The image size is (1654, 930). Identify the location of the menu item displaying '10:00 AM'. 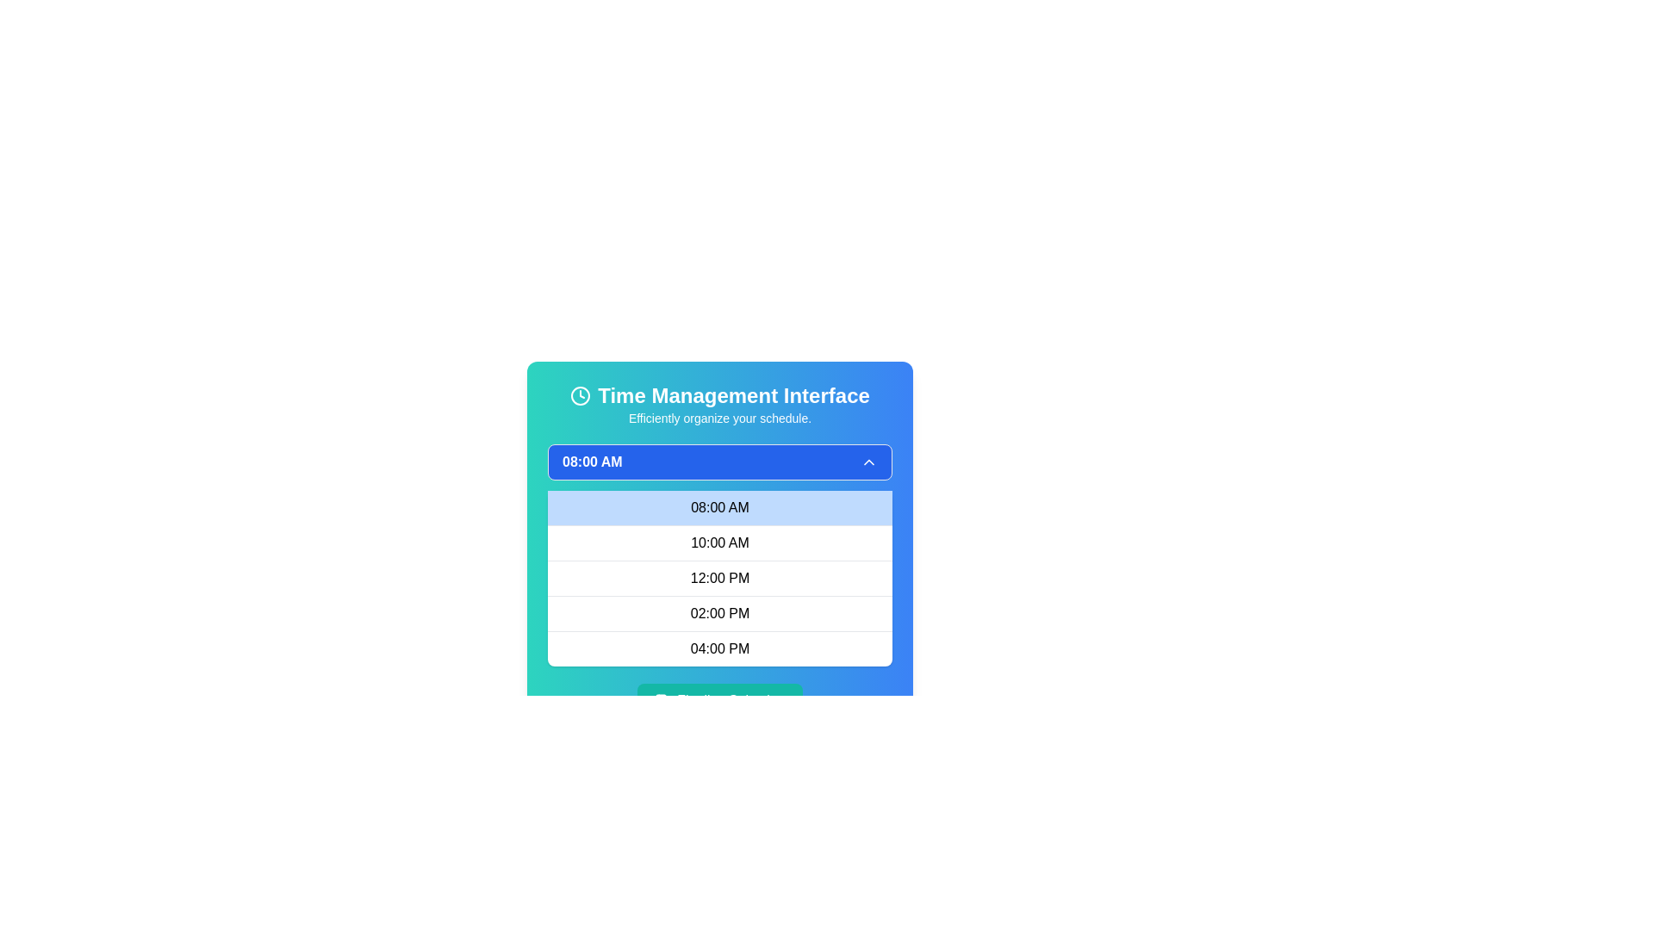
(719, 542).